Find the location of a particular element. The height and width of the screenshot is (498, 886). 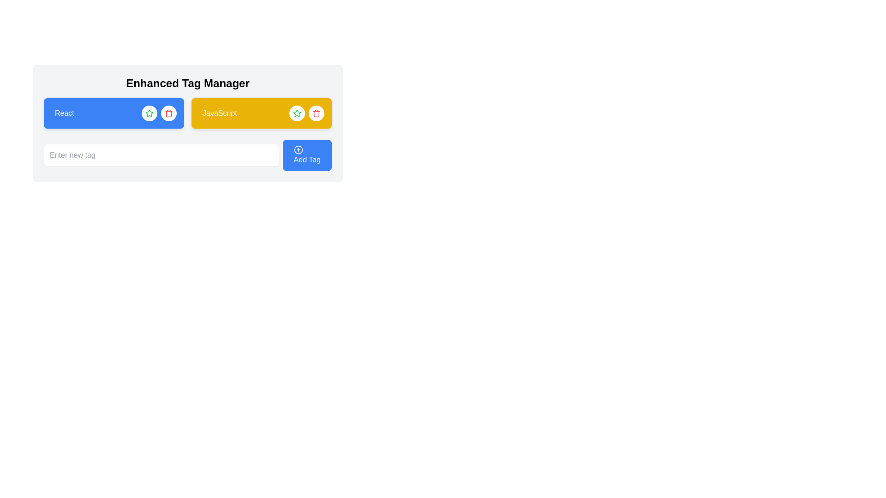

the yellow tag labeled 'JavaScript' is located at coordinates (261, 113).